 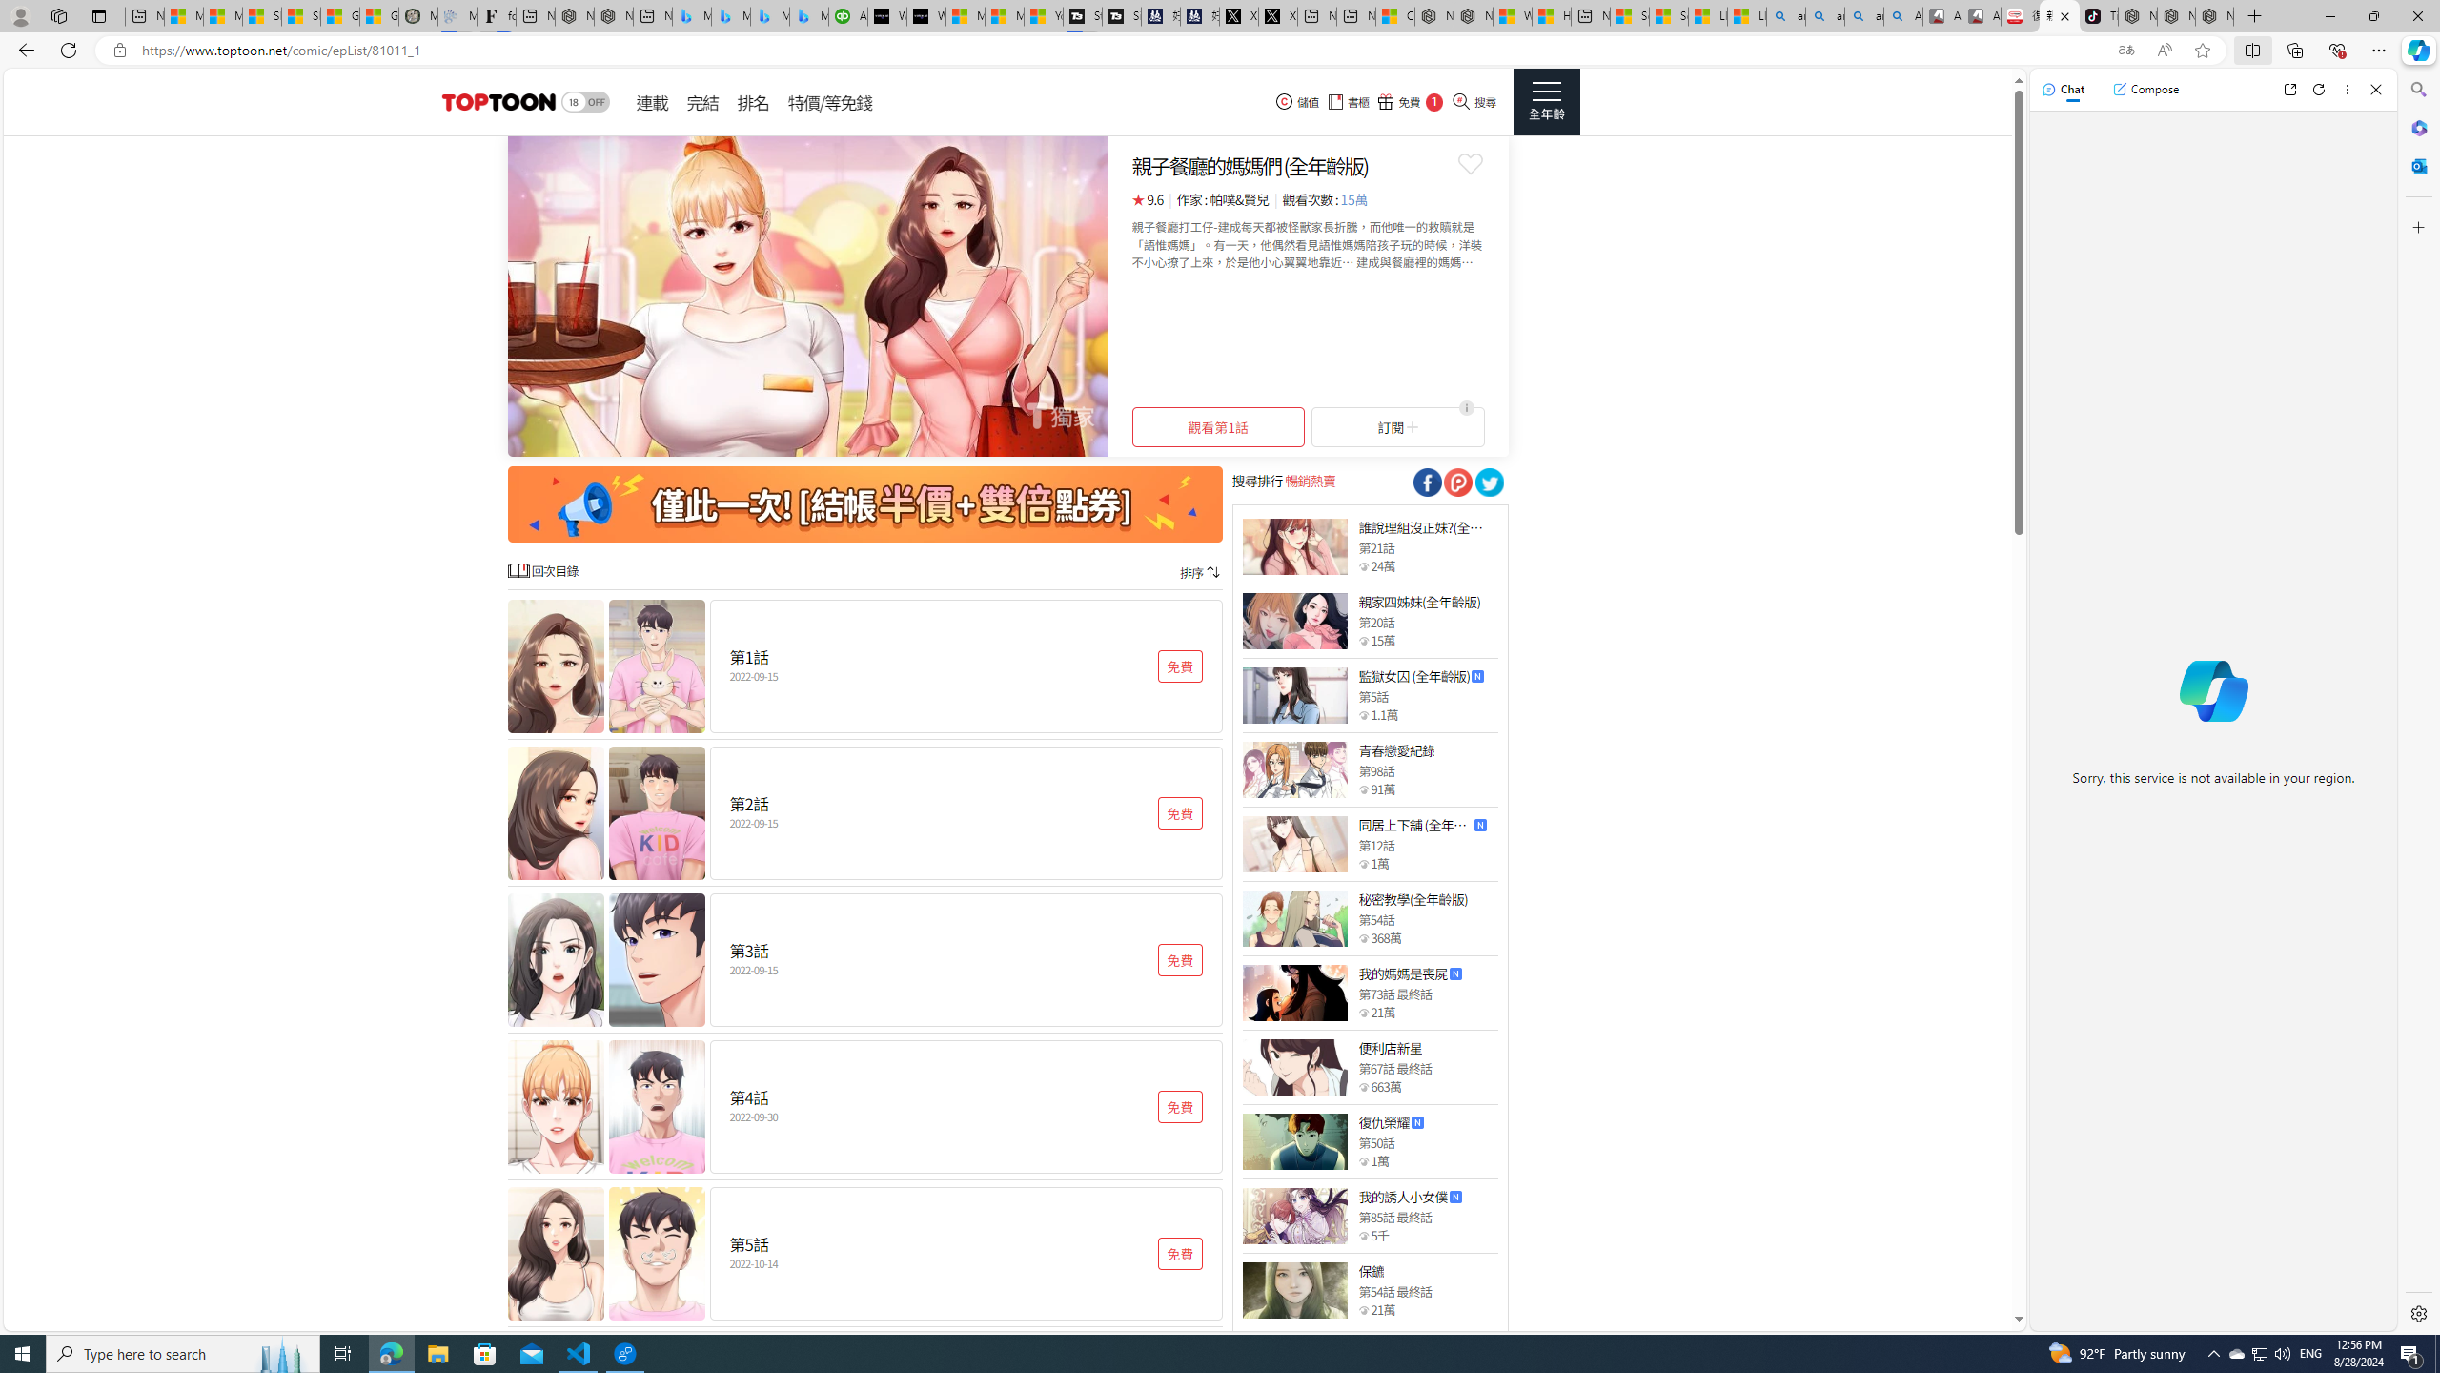 I want to click on 'Huge shark washes ashore at New York City beach | Watch', so click(x=1551, y=15).